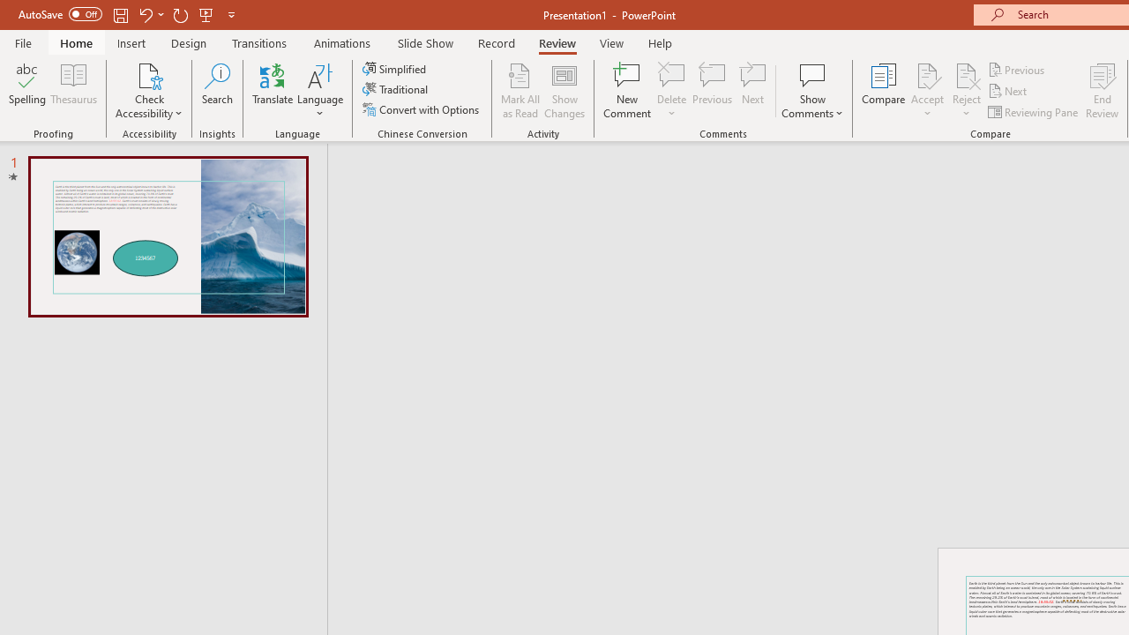  What do you see at coordinates (811, 91) in the screenshot?
I see `'Show Comments'` at bounding box center [811, 91].